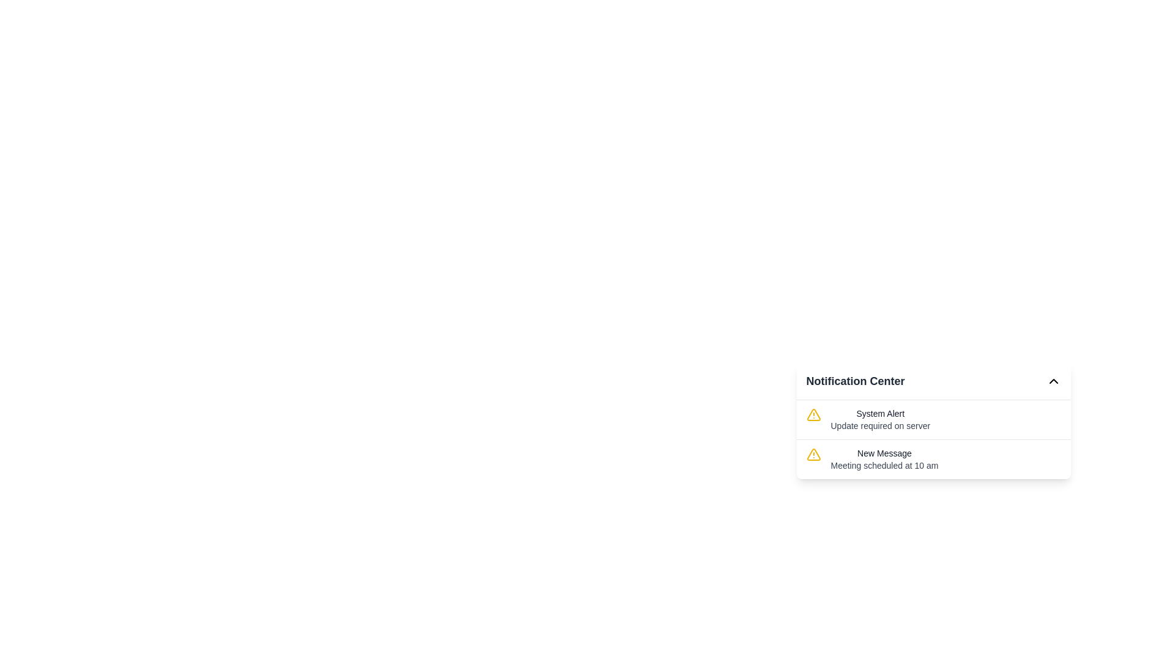 This screenshot has height=660, width=1175. What do you see at coordinates (813, 455) in the screenshot?
I see `the Warning icon located to the left of the 'New Message' text in the Notification Center to obtain more information about the alert` at bounding box center [813, 455].